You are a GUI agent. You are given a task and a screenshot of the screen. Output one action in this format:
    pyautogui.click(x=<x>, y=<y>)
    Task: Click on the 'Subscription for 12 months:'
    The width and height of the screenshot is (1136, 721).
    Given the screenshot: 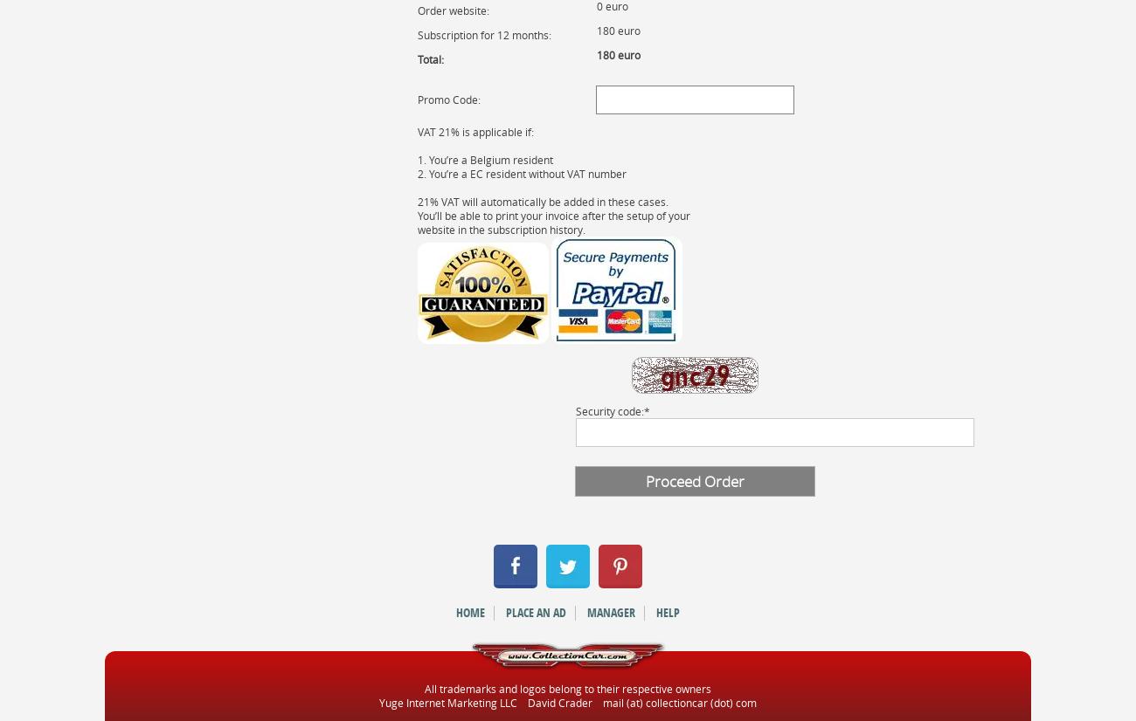 What is the action you would take?
    pyautogui.click(x=482, y=32)
    